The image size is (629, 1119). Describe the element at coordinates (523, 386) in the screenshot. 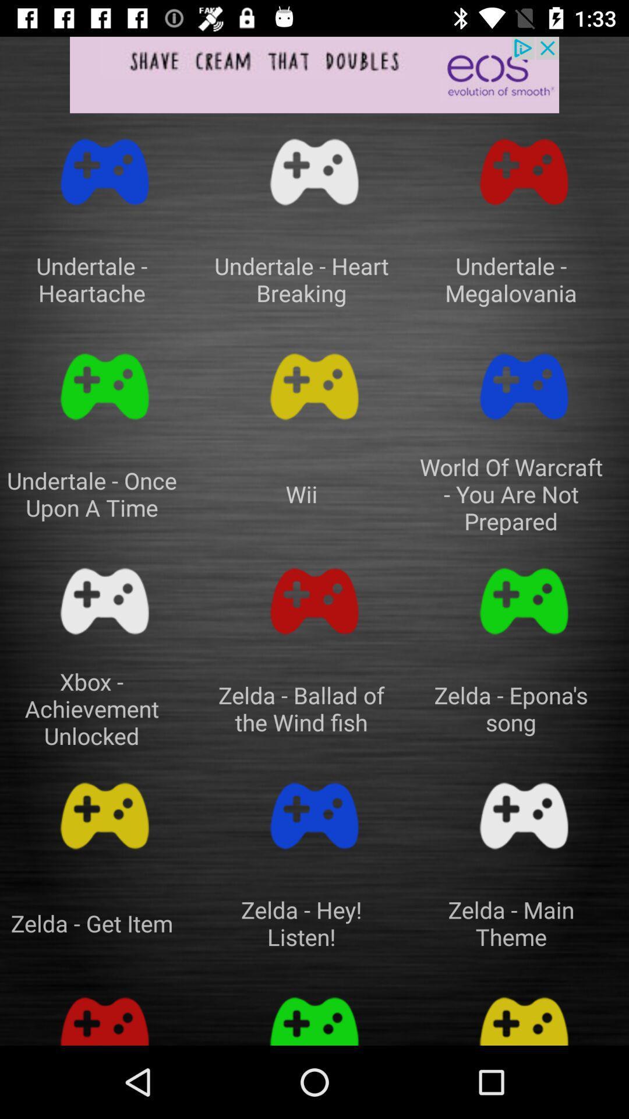

I see `game` at that location.